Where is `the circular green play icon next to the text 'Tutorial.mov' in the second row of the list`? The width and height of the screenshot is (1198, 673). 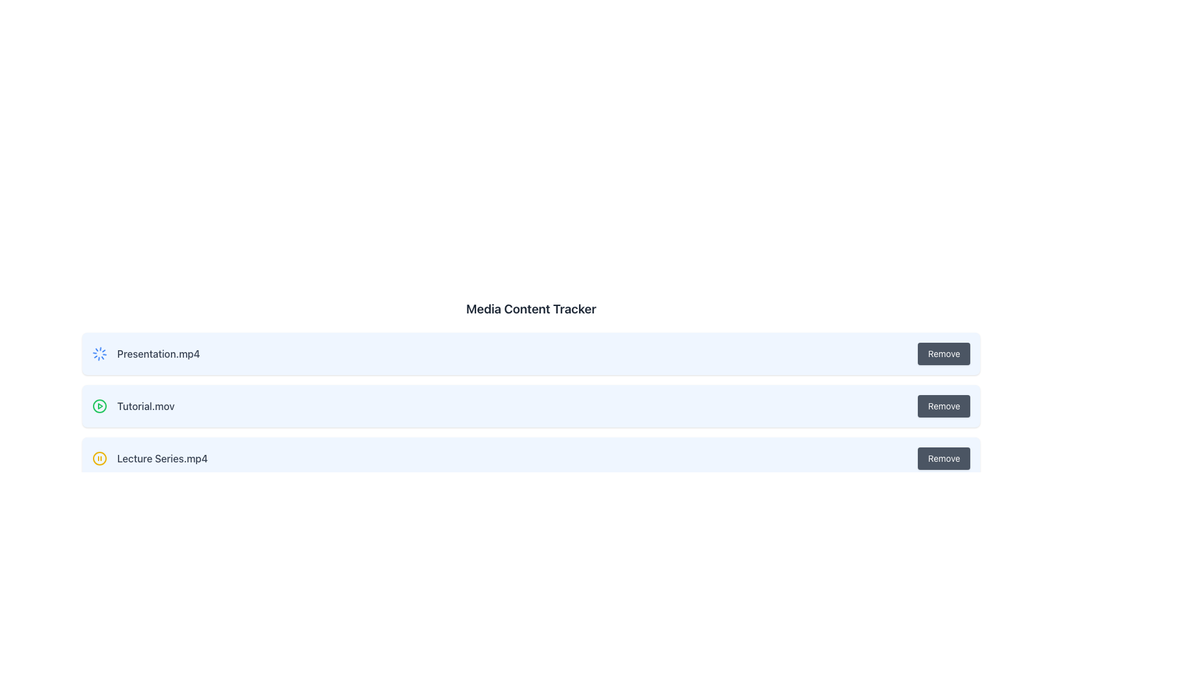
the circular green play icon next to the text 'Tutorial.mov' in the second row of the list is located at coordinates (133, 406).